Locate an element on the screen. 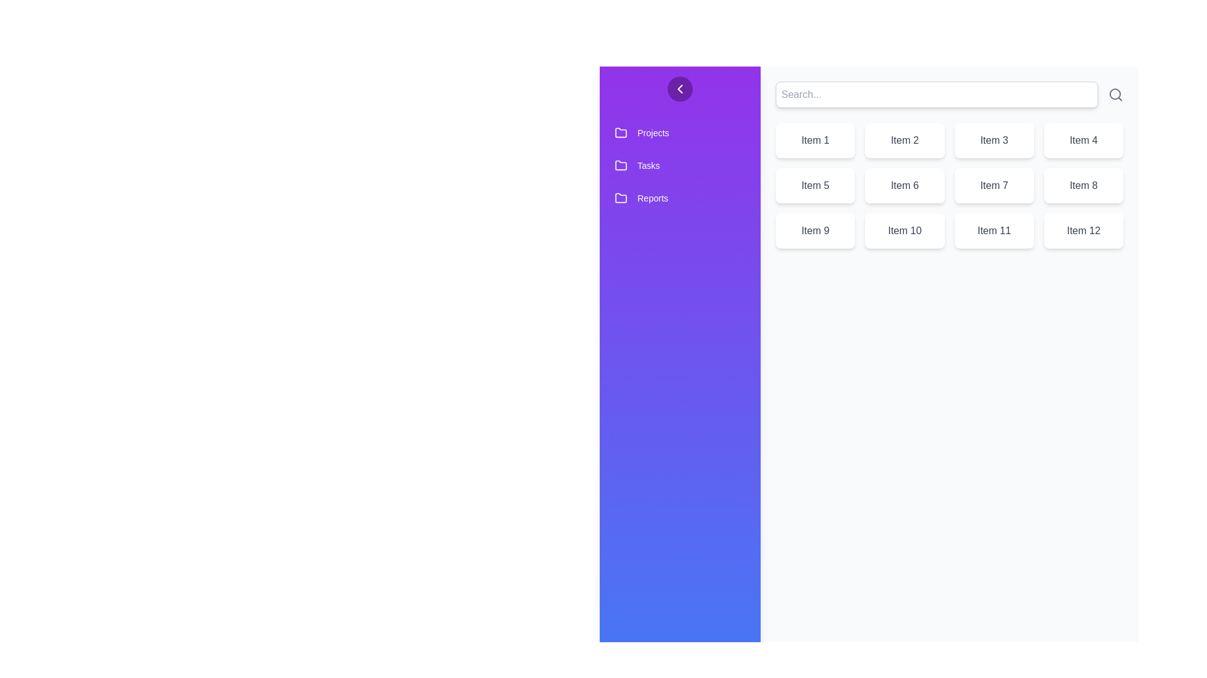 Image resolution: width=1207 pixels, height=678 pixels. the arrow button to toggle the sidebar visibility is located at coordinates (679, 89).